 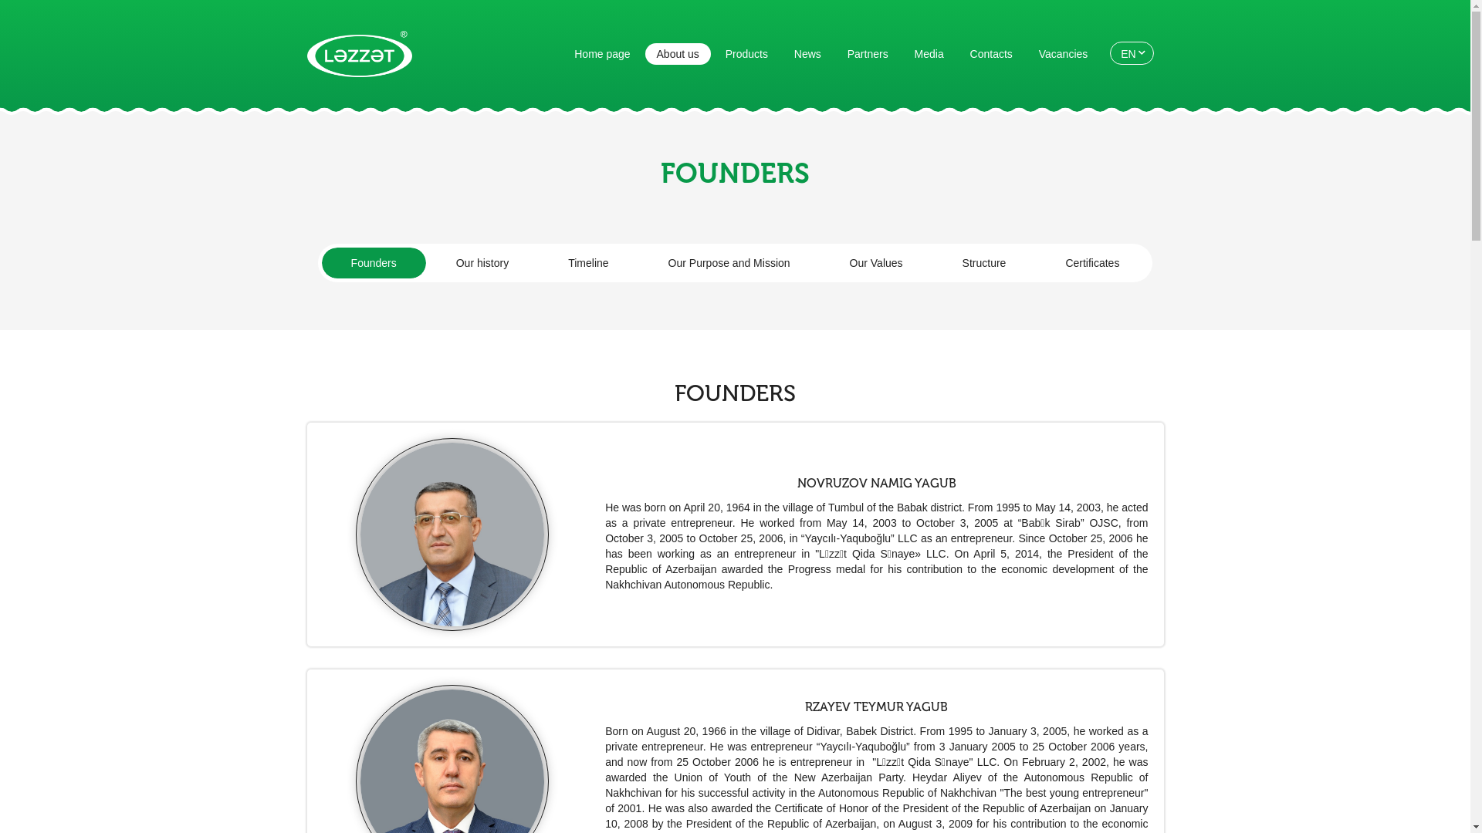 I want to click on 'Media', so click(x=903, y=52).